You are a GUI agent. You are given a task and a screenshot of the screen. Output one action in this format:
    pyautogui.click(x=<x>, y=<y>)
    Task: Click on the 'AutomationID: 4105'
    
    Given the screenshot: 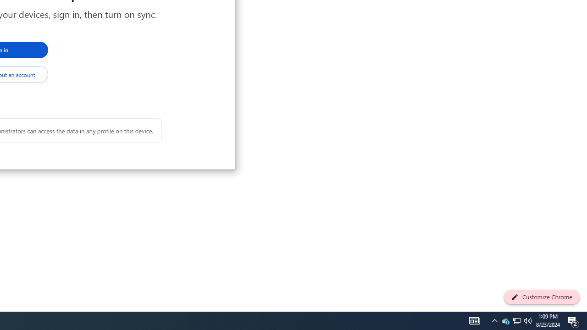 What is the action you would take?
    pyautogui.click(x=474, y=320)
    